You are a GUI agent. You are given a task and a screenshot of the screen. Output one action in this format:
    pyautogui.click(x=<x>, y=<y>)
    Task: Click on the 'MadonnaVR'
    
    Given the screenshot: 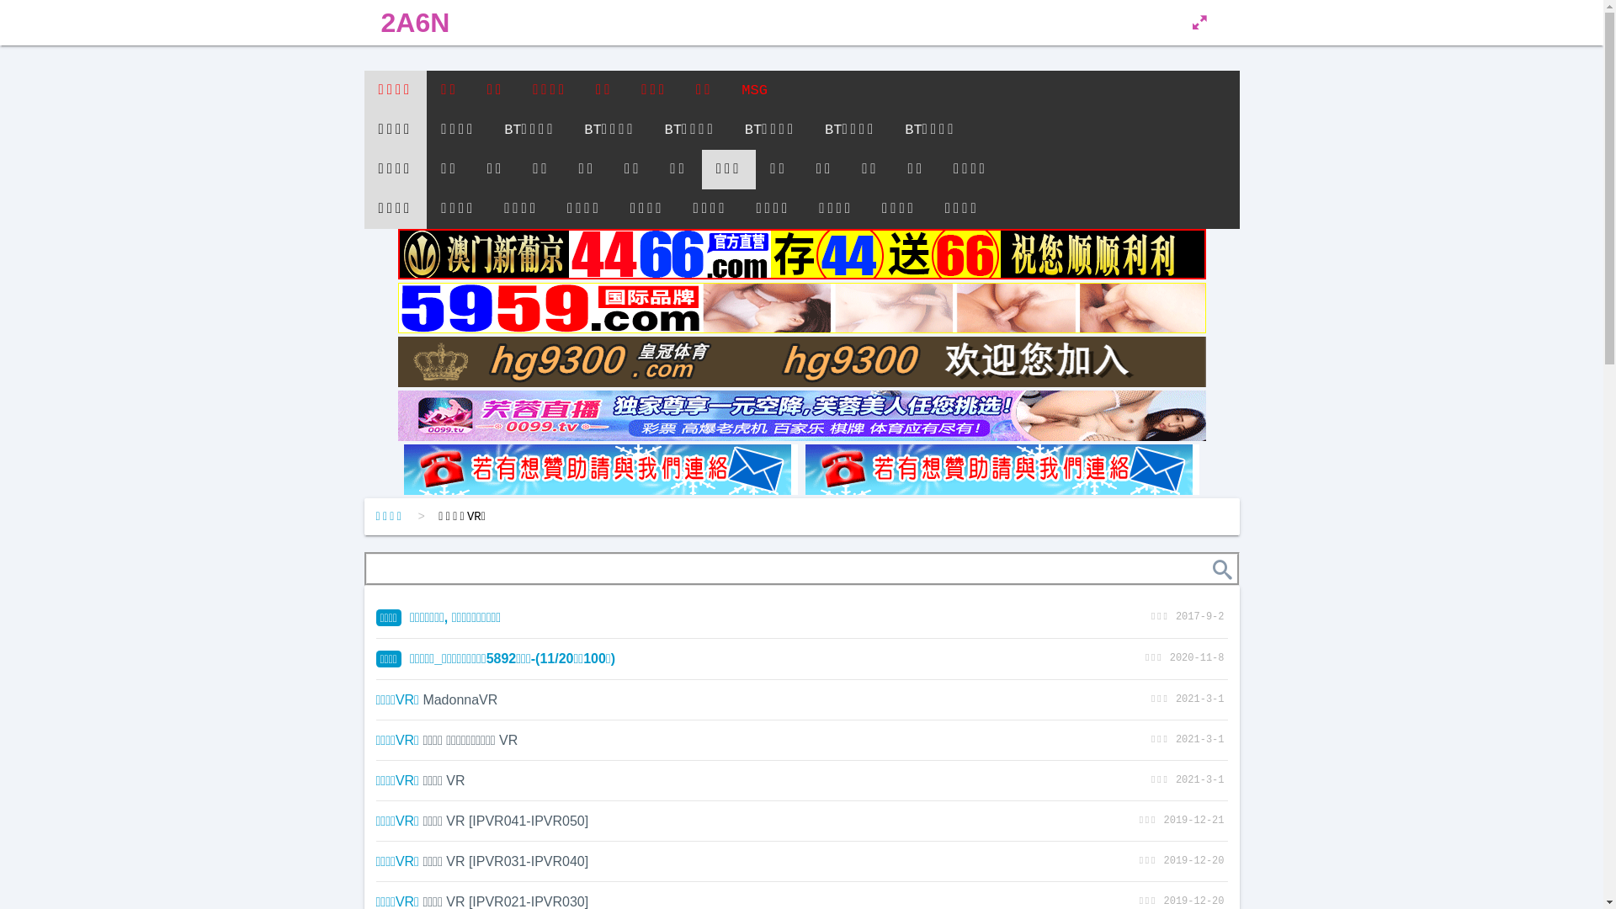 What is the action you would take?
    pyautogui.click(x=423, y=699)
    